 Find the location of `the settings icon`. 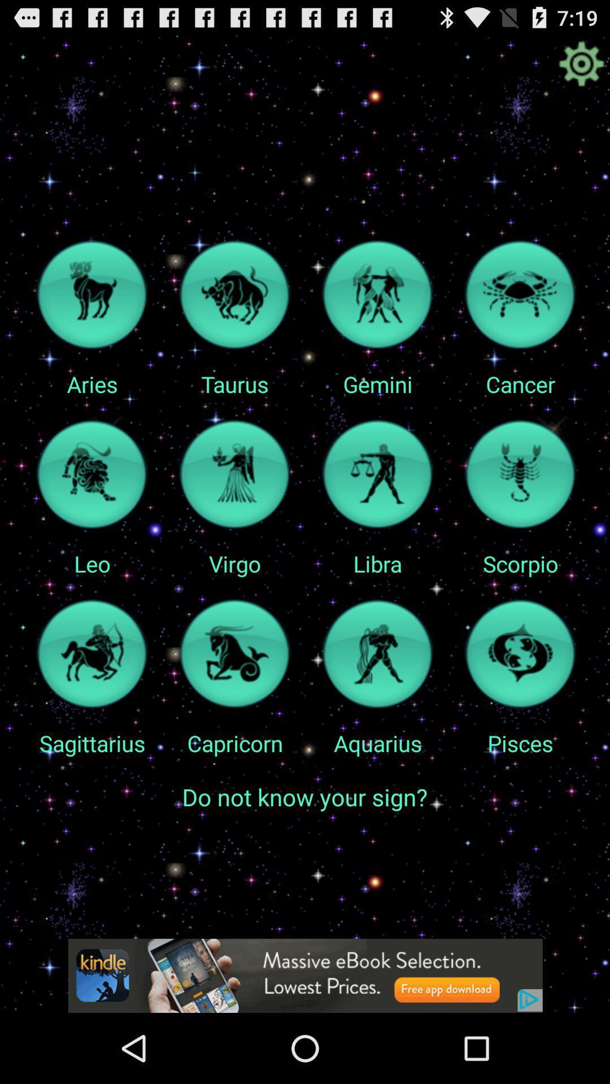

the settings icon is located at coordinates (581, 68).